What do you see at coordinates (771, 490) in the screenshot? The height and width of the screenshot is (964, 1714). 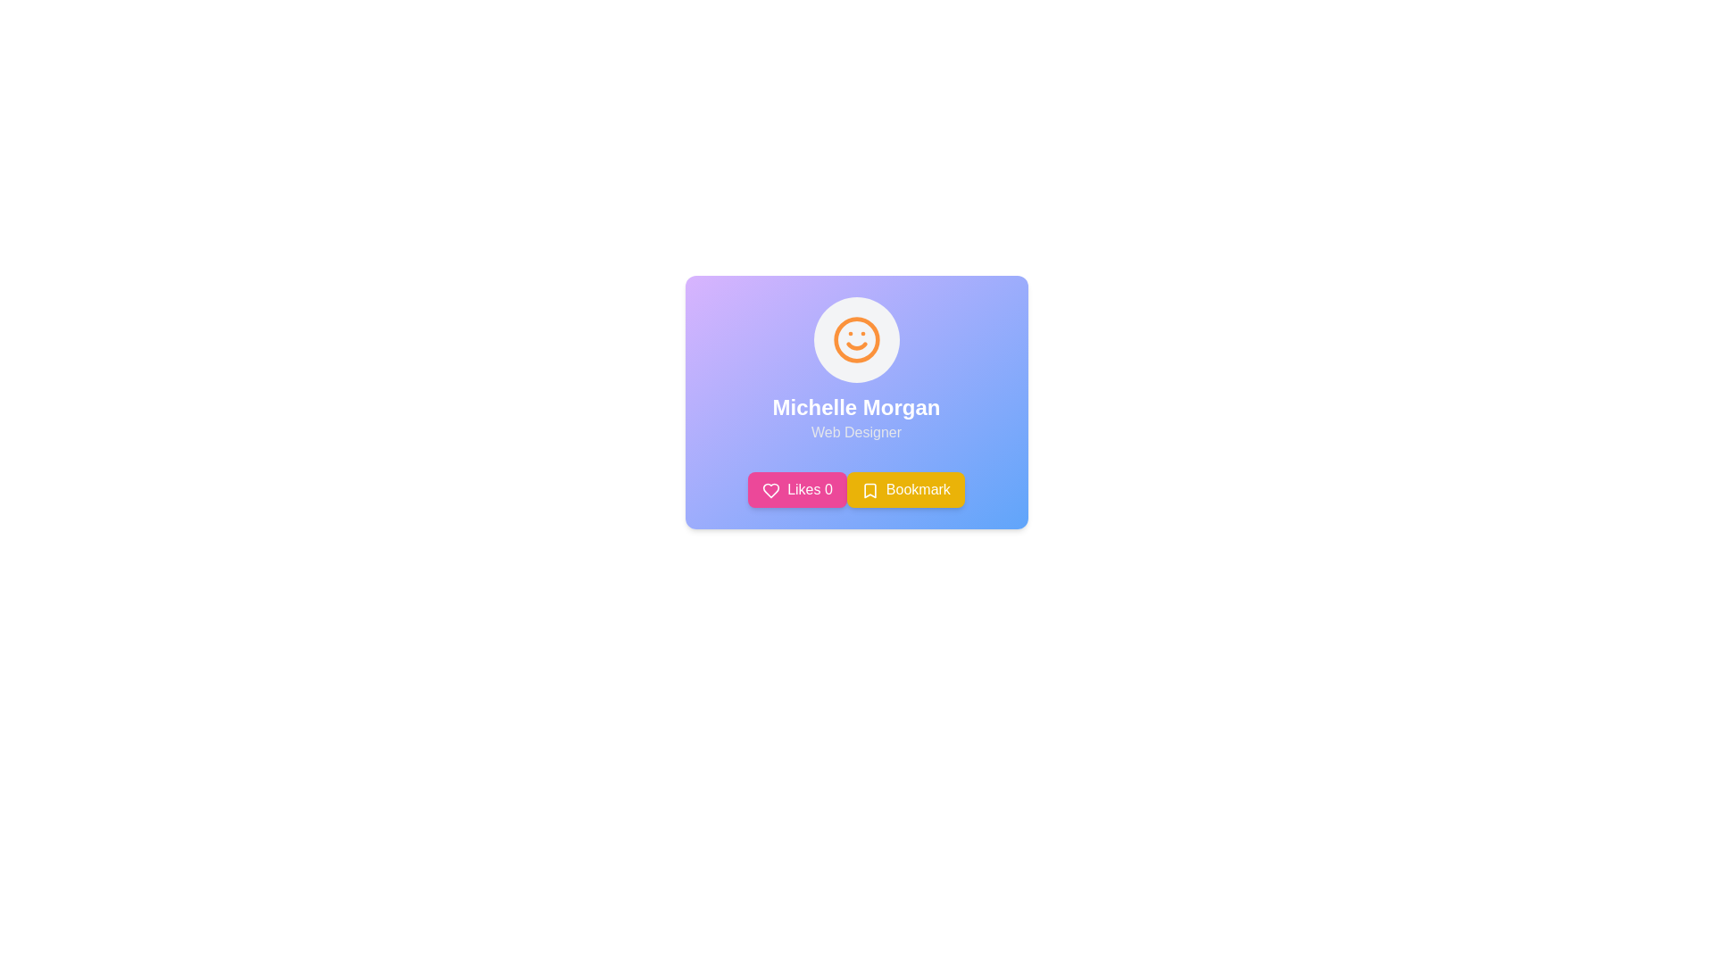 I see `the 'like' icon located to the left of the 'Likes 0' text inside the first pink button at the bottom of the card layout` at bounding box center [771, 490].